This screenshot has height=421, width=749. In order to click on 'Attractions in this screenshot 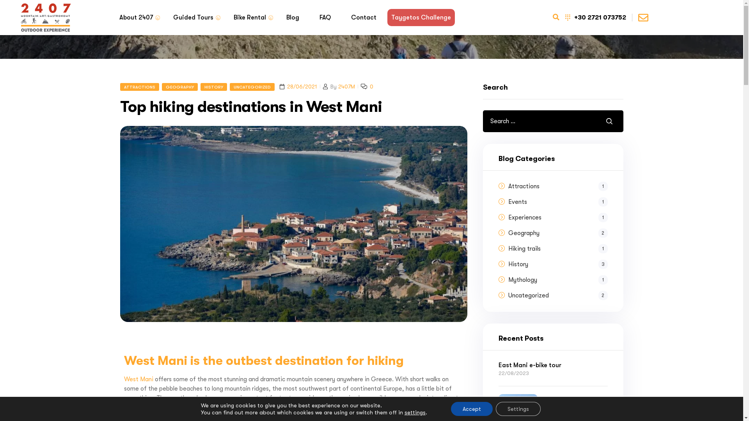, I will do `click(557, 186)`.